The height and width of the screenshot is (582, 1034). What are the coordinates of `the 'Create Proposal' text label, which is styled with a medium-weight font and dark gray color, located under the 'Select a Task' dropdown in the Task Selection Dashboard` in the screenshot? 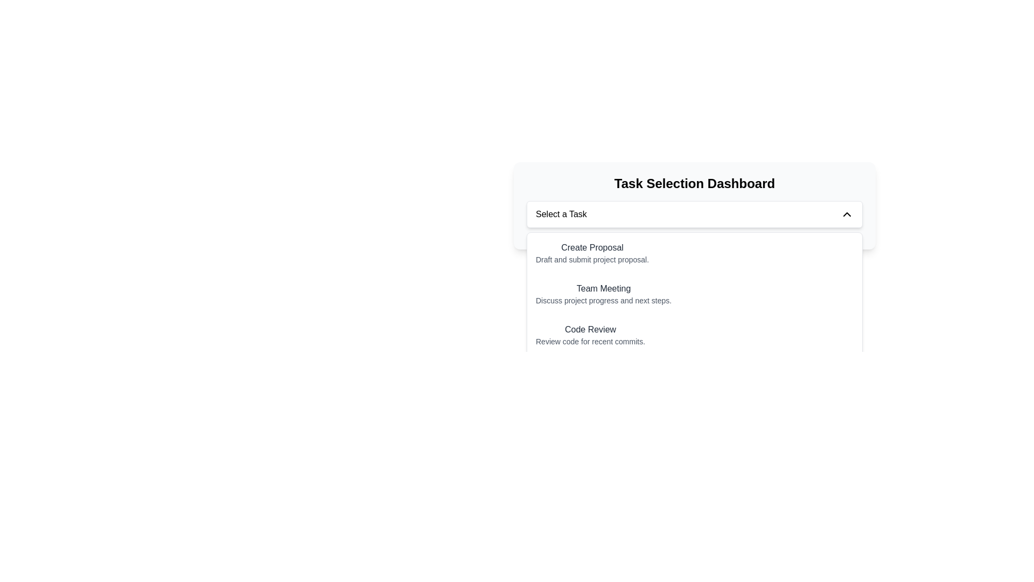 It's located at (591, 247).